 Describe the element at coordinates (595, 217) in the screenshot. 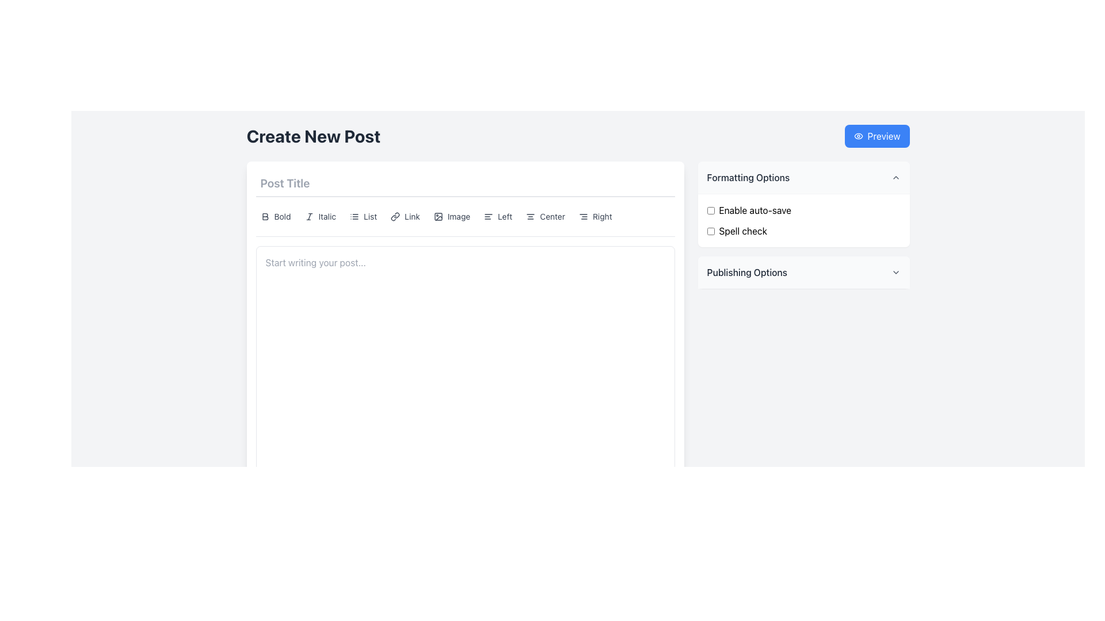

I see `the right alignment button in the horizontal alignment toolbar to set the text alignment of the selected content area to 'Right'` at that location.